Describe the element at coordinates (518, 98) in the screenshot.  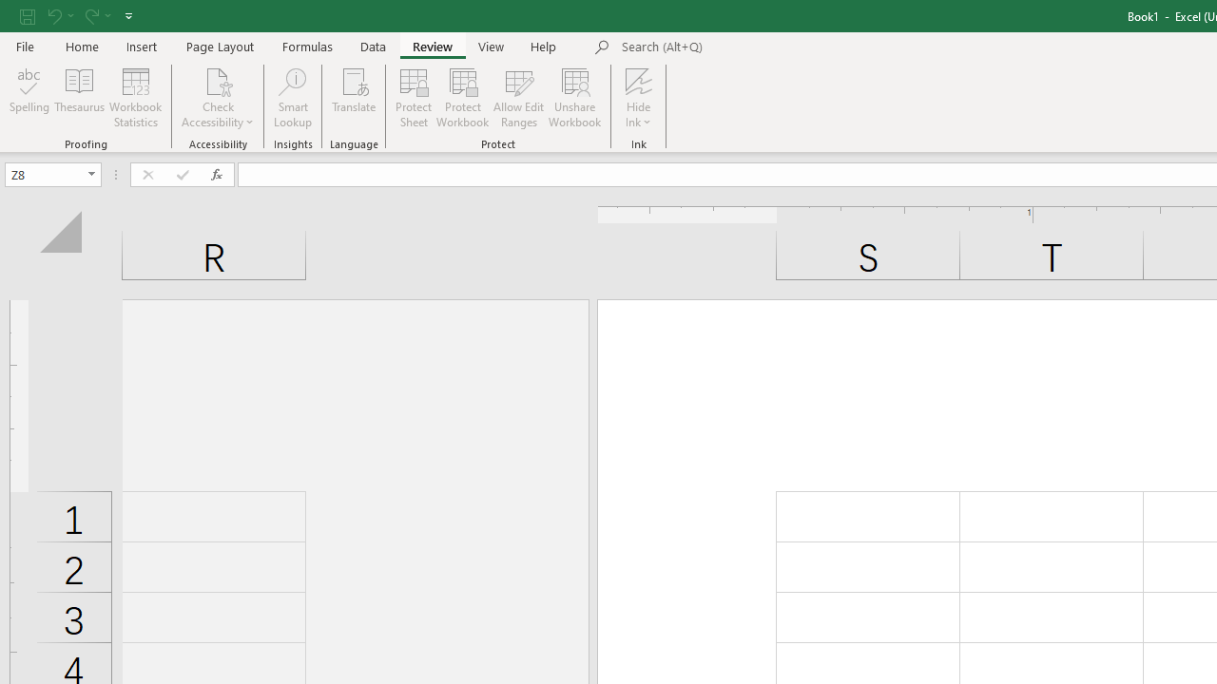
I see `'Allow Edit Ranges'` at that location.